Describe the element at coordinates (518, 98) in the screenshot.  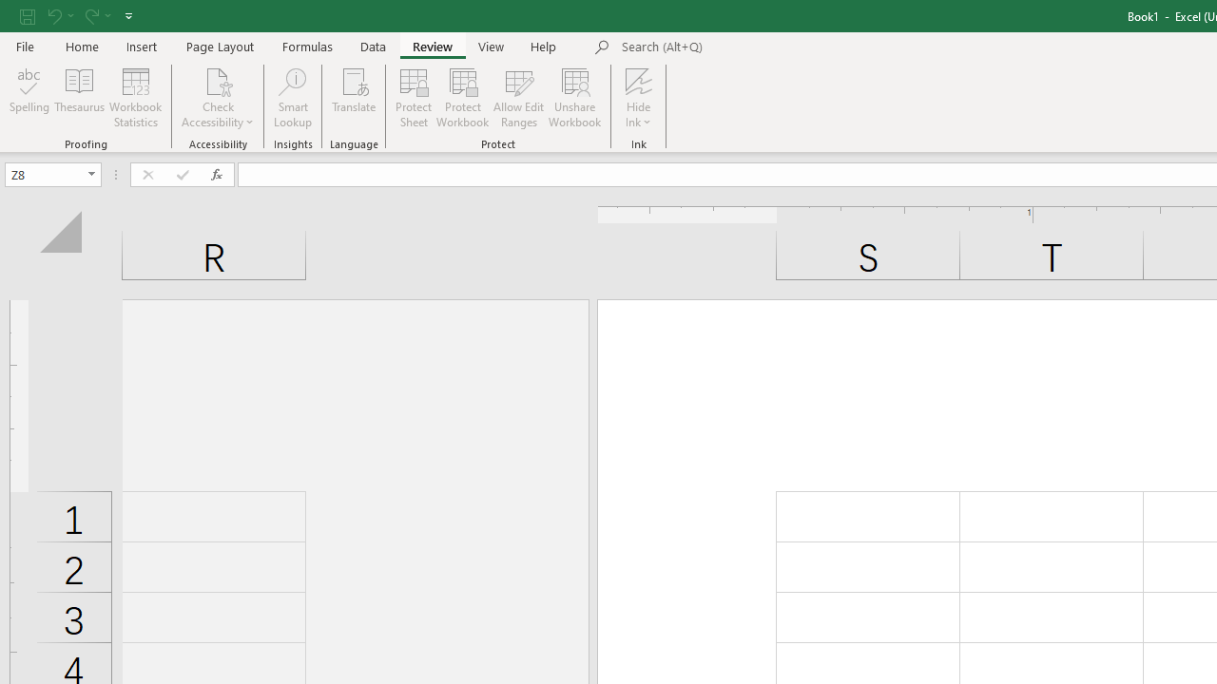
I see `'Allow Edit Ranges'` at that location.